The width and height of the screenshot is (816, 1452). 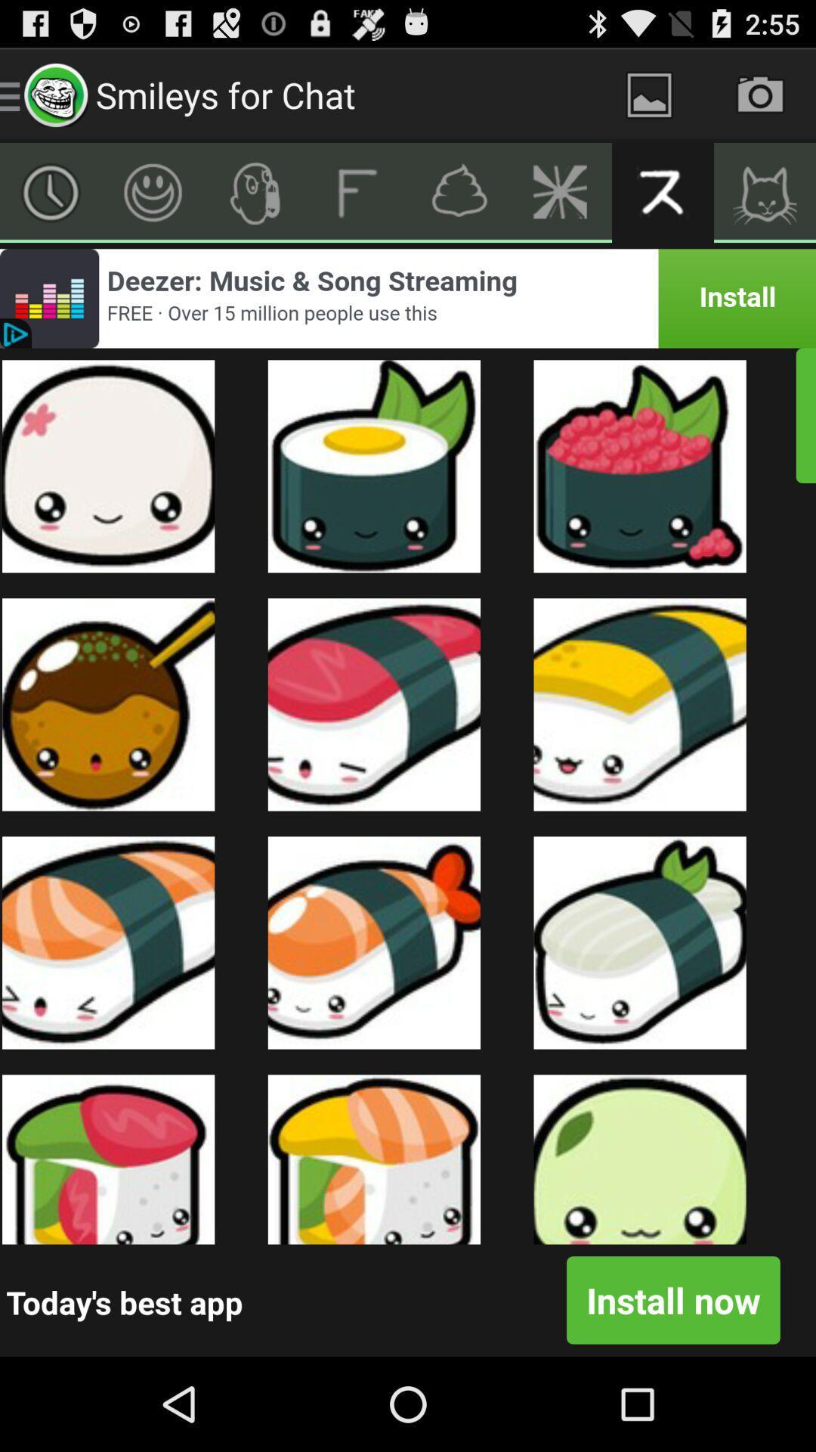 I want to click on icon button, so click(x=254, y=191).